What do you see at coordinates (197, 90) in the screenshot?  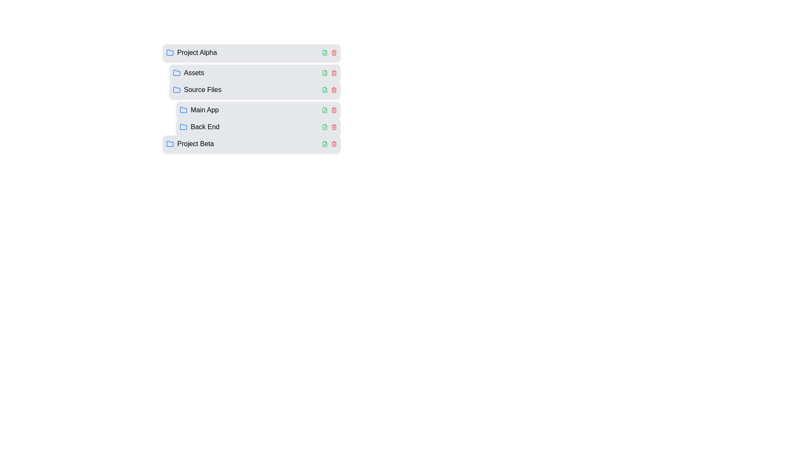 I see `the Labeled icon with a blue folder icon and the text 'Source Files', which is the second item in the list, positioned below 'Assets' and above 'Main App'` at bounding box center [197, 90].